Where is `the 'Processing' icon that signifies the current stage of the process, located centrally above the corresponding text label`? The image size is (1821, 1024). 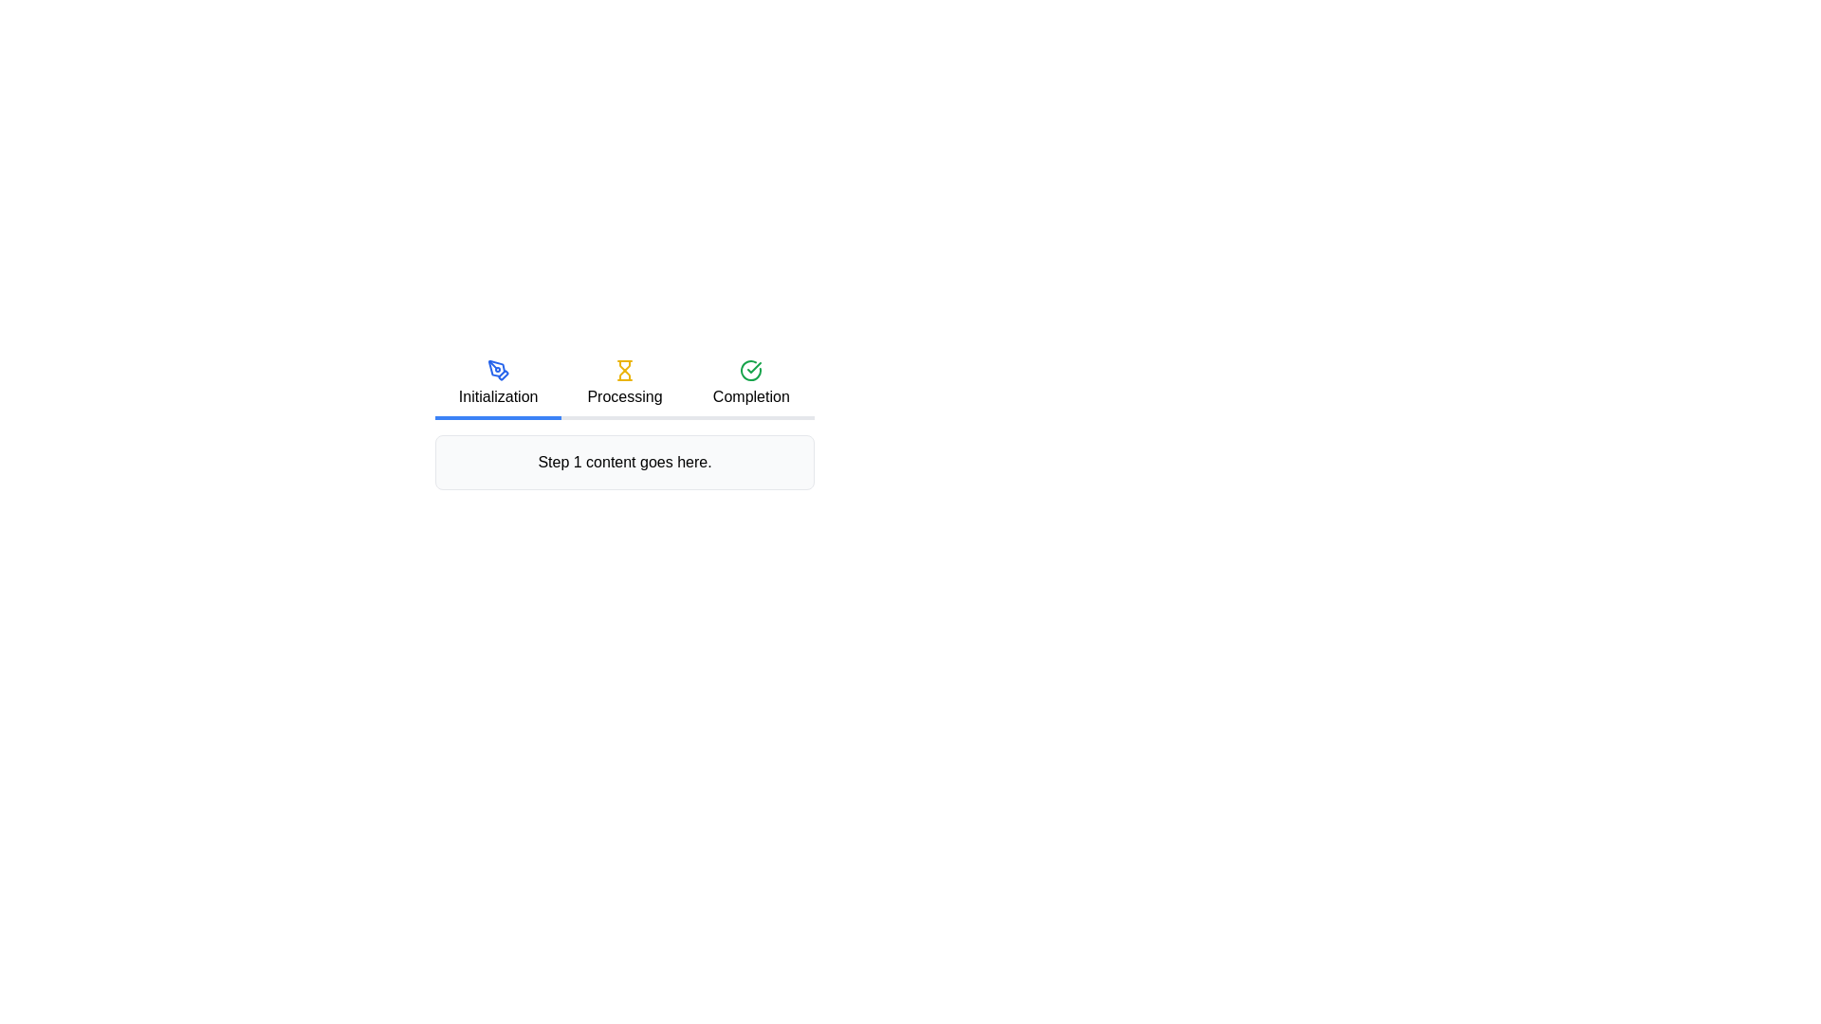
the 'Processing' icon that signifies the current stage of the process, located centrally above the corresponding text label is located at coordinates (624, 365).